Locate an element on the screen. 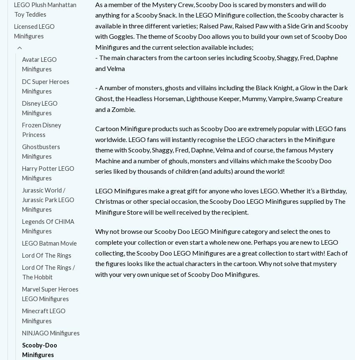  '- A number of monsters, ghosts and villains including the Black Knight, a Glow in the Dark Ghost, the Headless Horseman, Lighthouse Keeper, Mummy, Vampire, Swamp Creature and a Zombie.' is located at coordinates (221, 97).